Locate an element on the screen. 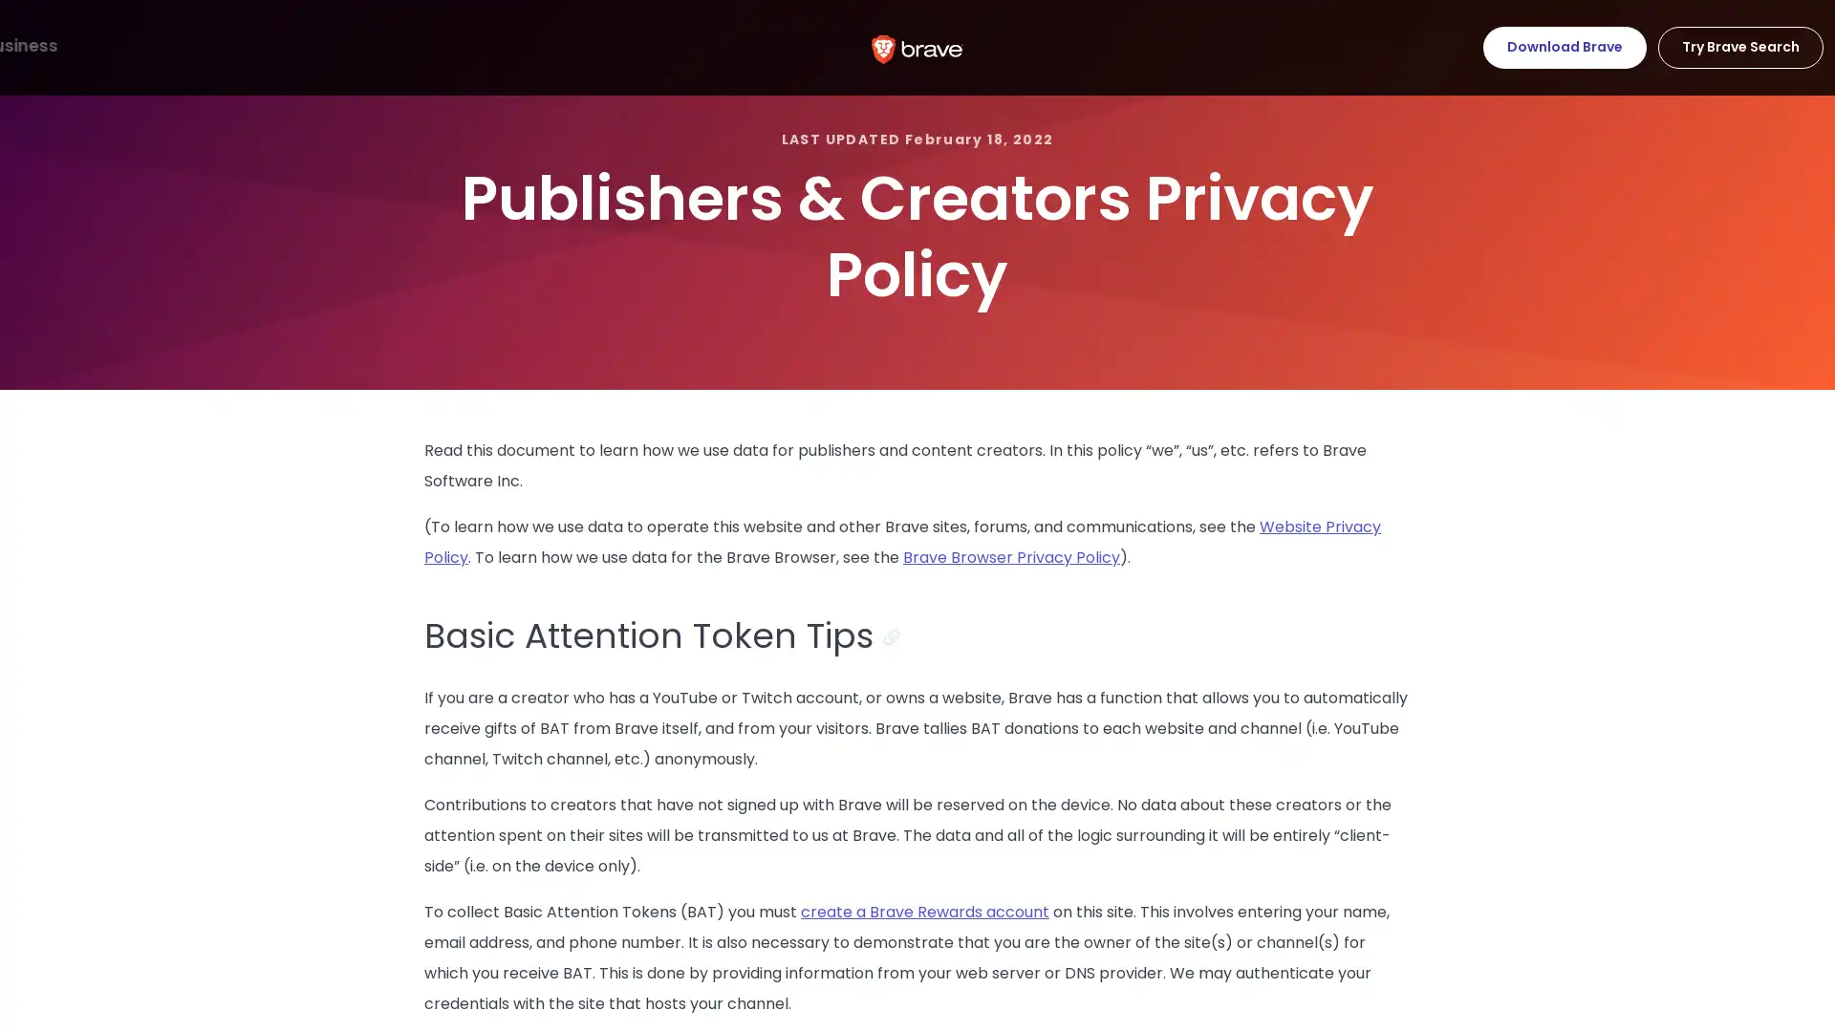  Business is located at coordinates (449, 46).